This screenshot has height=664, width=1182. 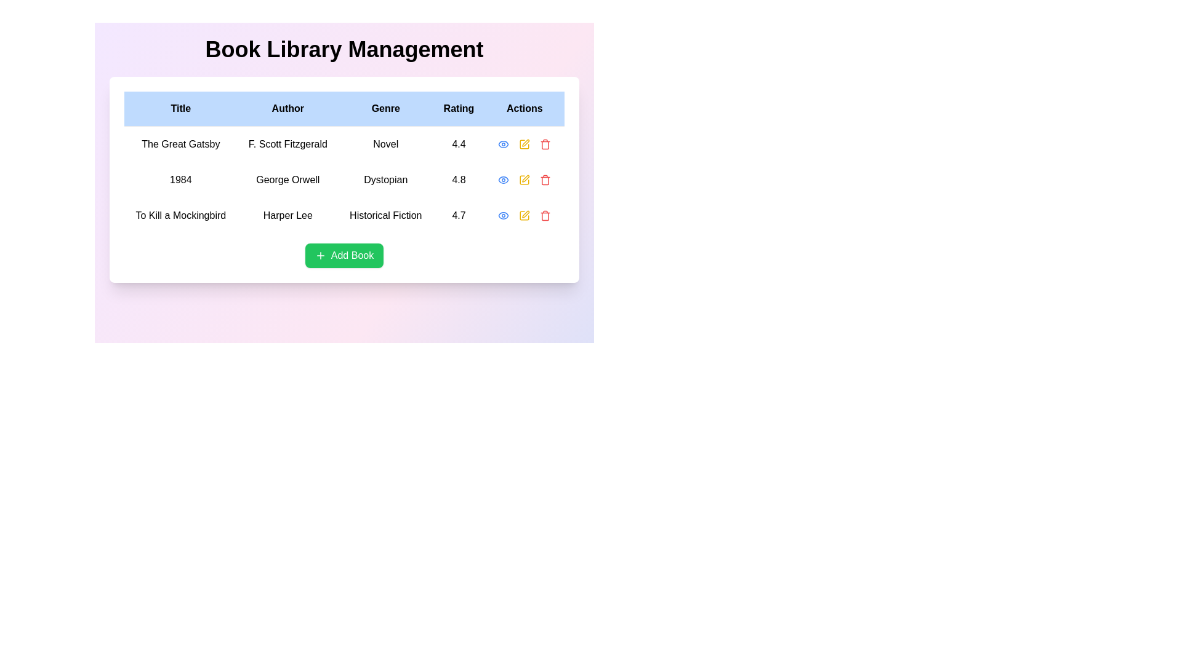 I want to click on the Table Header Cell for the 'Actions' column, which is the fifth header in the table located in the top-right corner of the header row, so click(x=524, y=108).